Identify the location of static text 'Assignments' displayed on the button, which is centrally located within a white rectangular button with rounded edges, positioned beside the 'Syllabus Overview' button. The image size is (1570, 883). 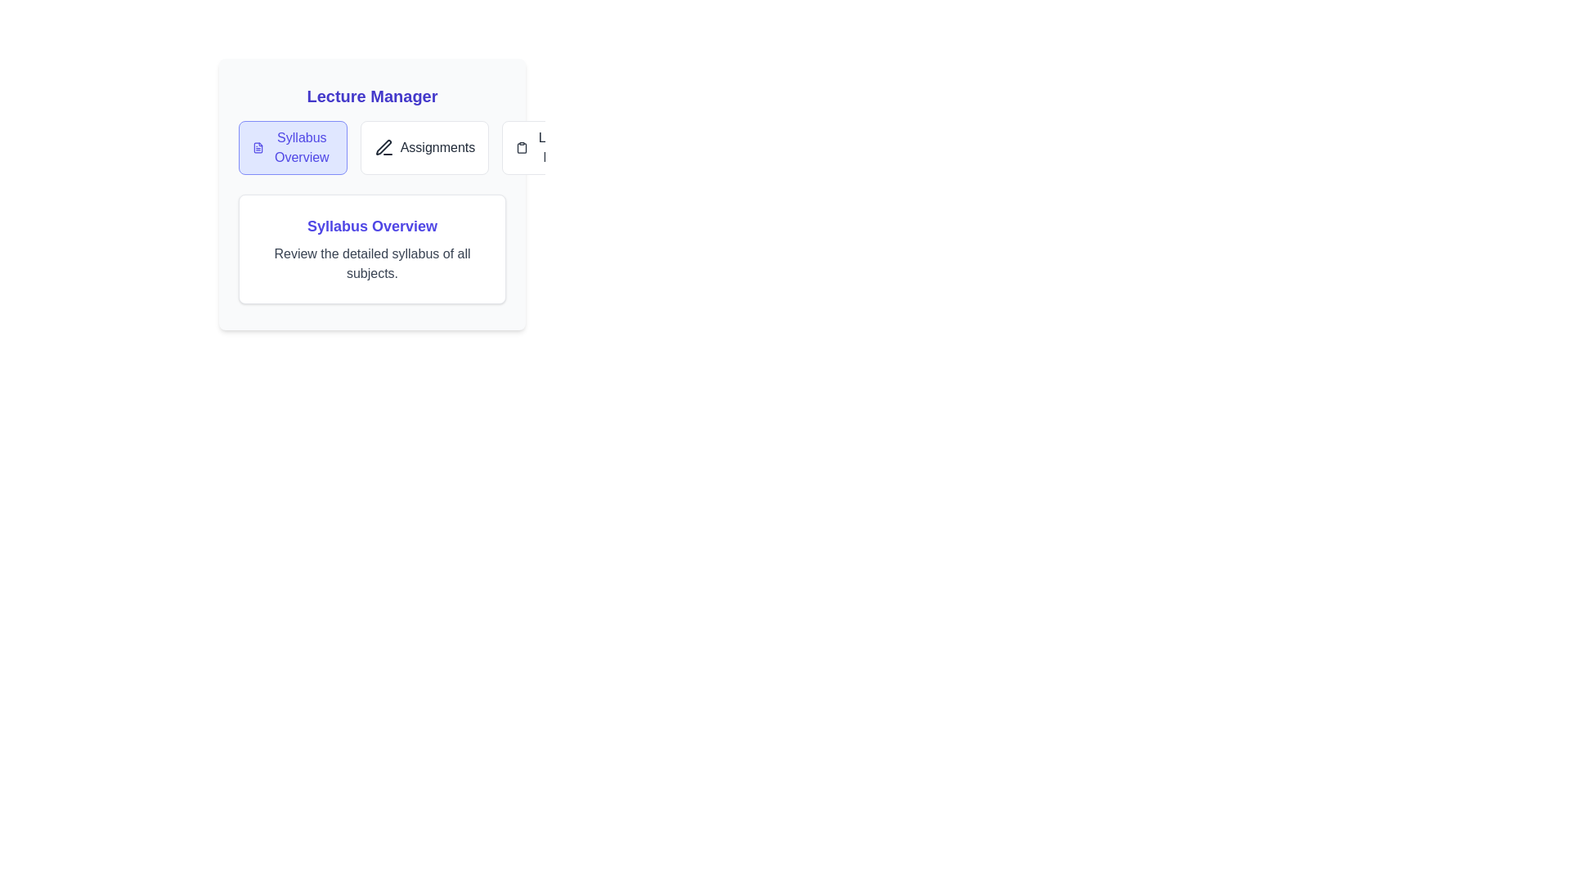
(437, 148).